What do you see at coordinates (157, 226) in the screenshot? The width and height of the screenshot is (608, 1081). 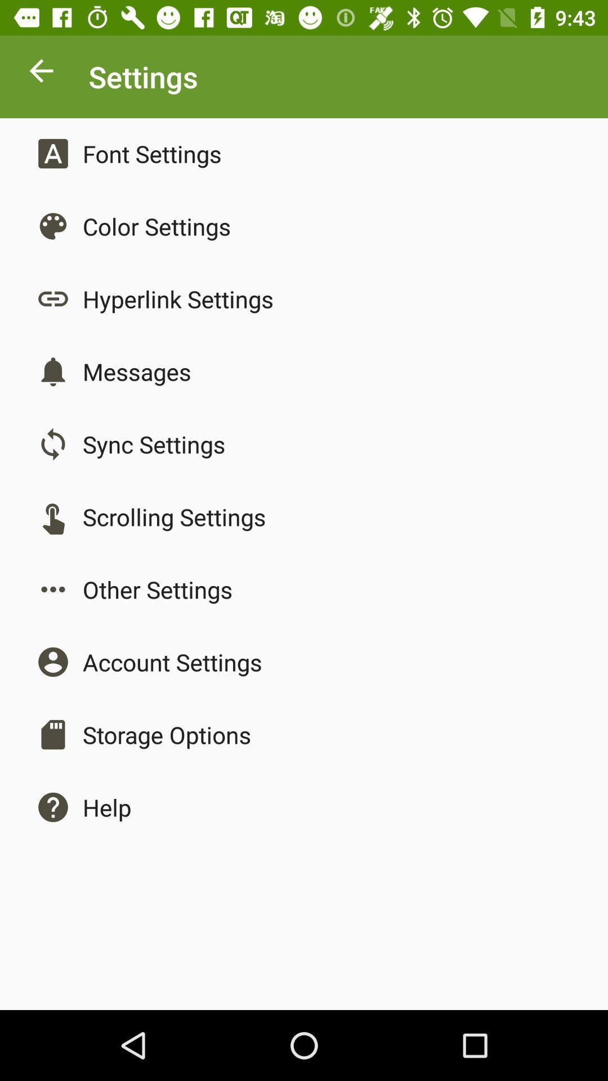 I see `the app below font settings` at bounding box center [157, 226].